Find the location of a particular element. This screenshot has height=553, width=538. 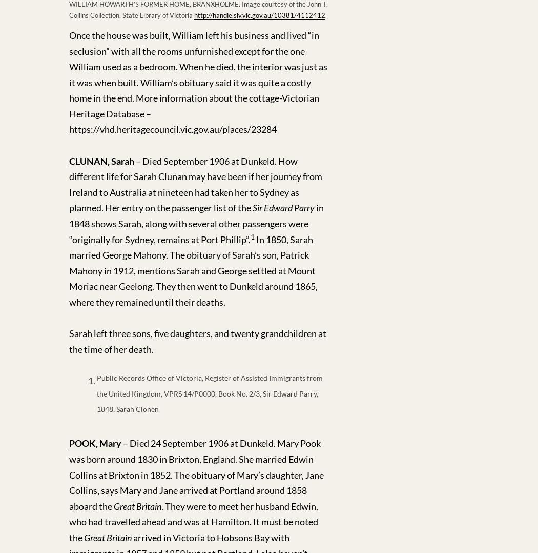

'Once the house was built, William left his business and lived “in seclusion” with all the rooms unfurnished except for the one William used as a bedroom. When he died, the interior was just as it was when built. William’s obituary said it was quite a costly home in the end. More information about the cottage-Victorian Heritage Database –' is located at coordinates (198, 74).